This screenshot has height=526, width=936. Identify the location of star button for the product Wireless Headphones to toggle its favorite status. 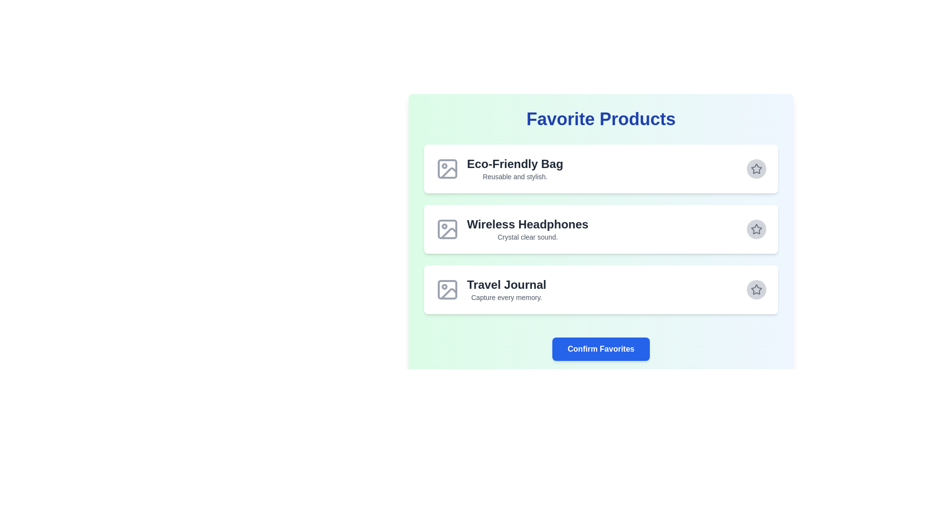
(756, 229).